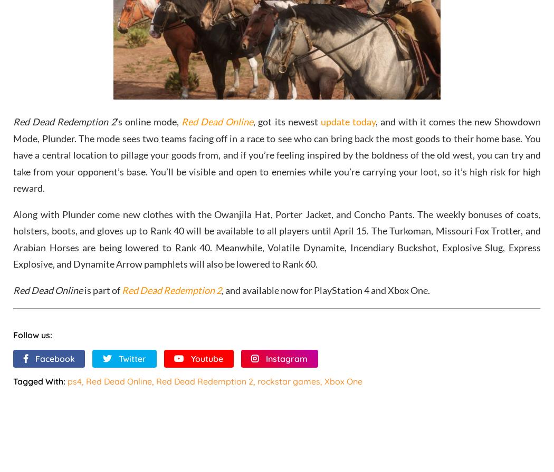 The width and height of the screenshot is (554, 472). What do you see at coordinates (54, 358) in the screenshot?
I see `'Facebook'` at bounding box center [54, 358].